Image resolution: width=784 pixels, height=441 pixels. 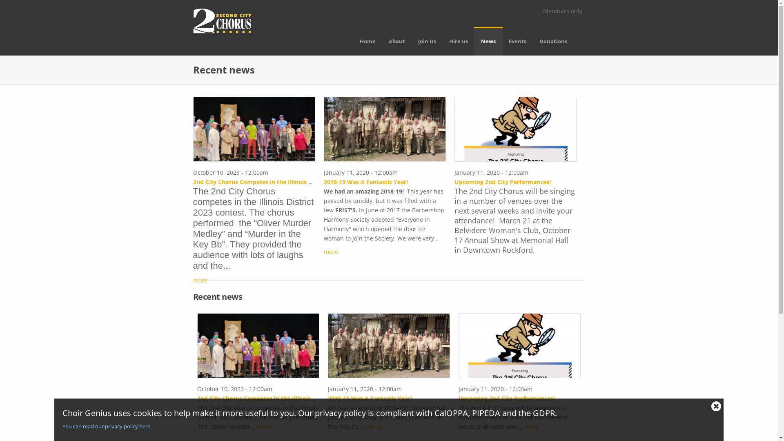 What do you see at coordinates (562, 11) in the screenshot?
I see `'Members only'` at bounding box center [562, 11].